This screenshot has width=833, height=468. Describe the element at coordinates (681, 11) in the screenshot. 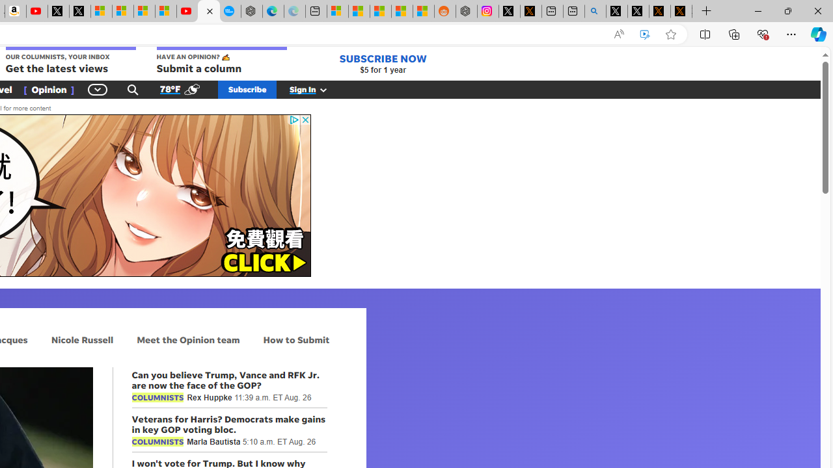

I see `'X Privacy Policy'` at that location.